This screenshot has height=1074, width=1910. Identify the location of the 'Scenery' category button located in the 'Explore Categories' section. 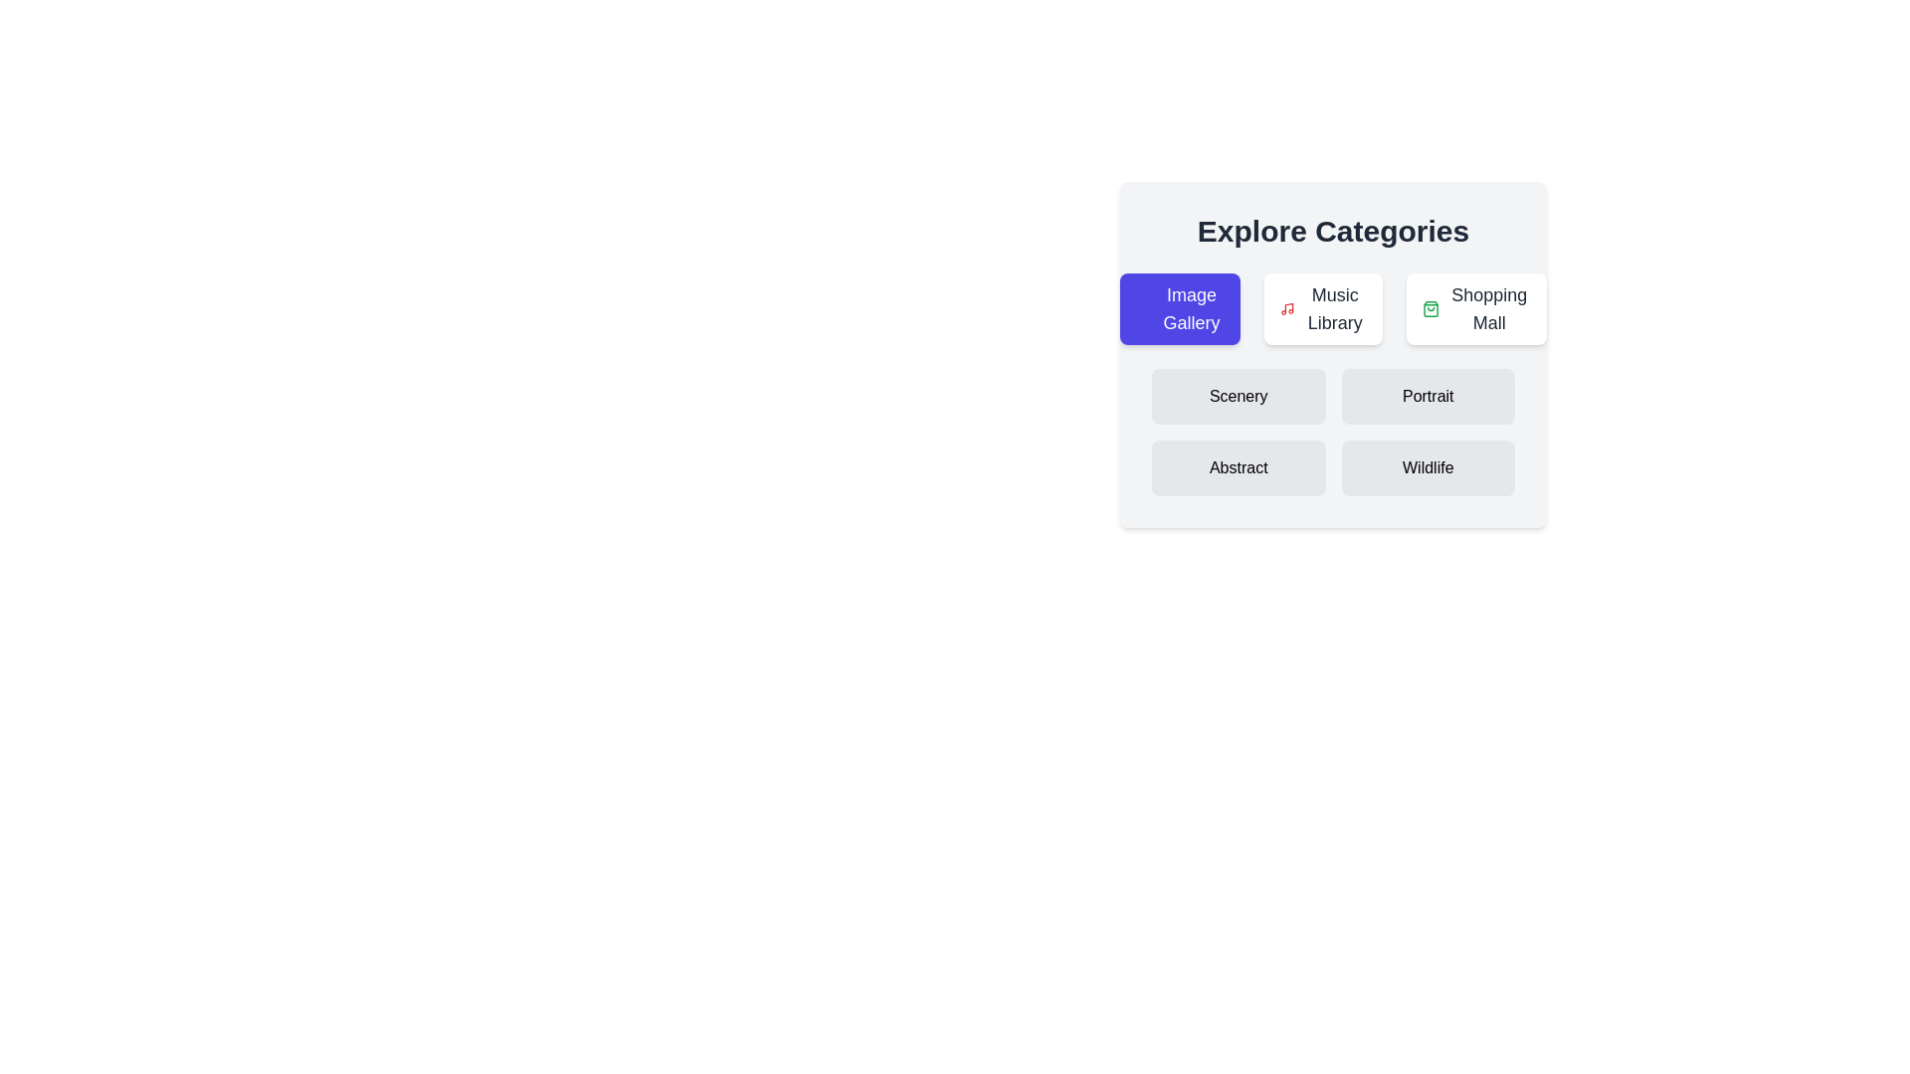
(1237, 396).